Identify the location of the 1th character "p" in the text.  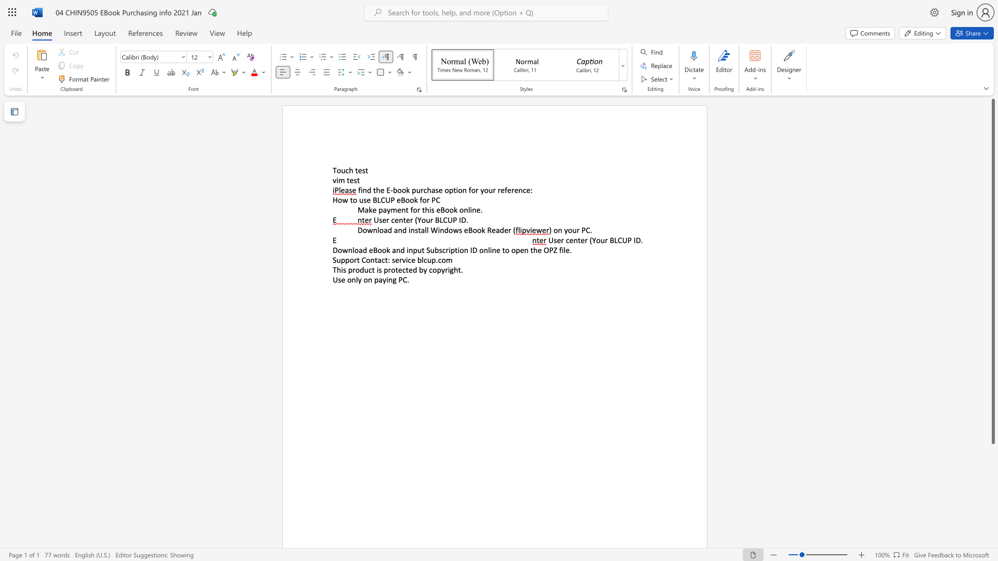
(376, 279).